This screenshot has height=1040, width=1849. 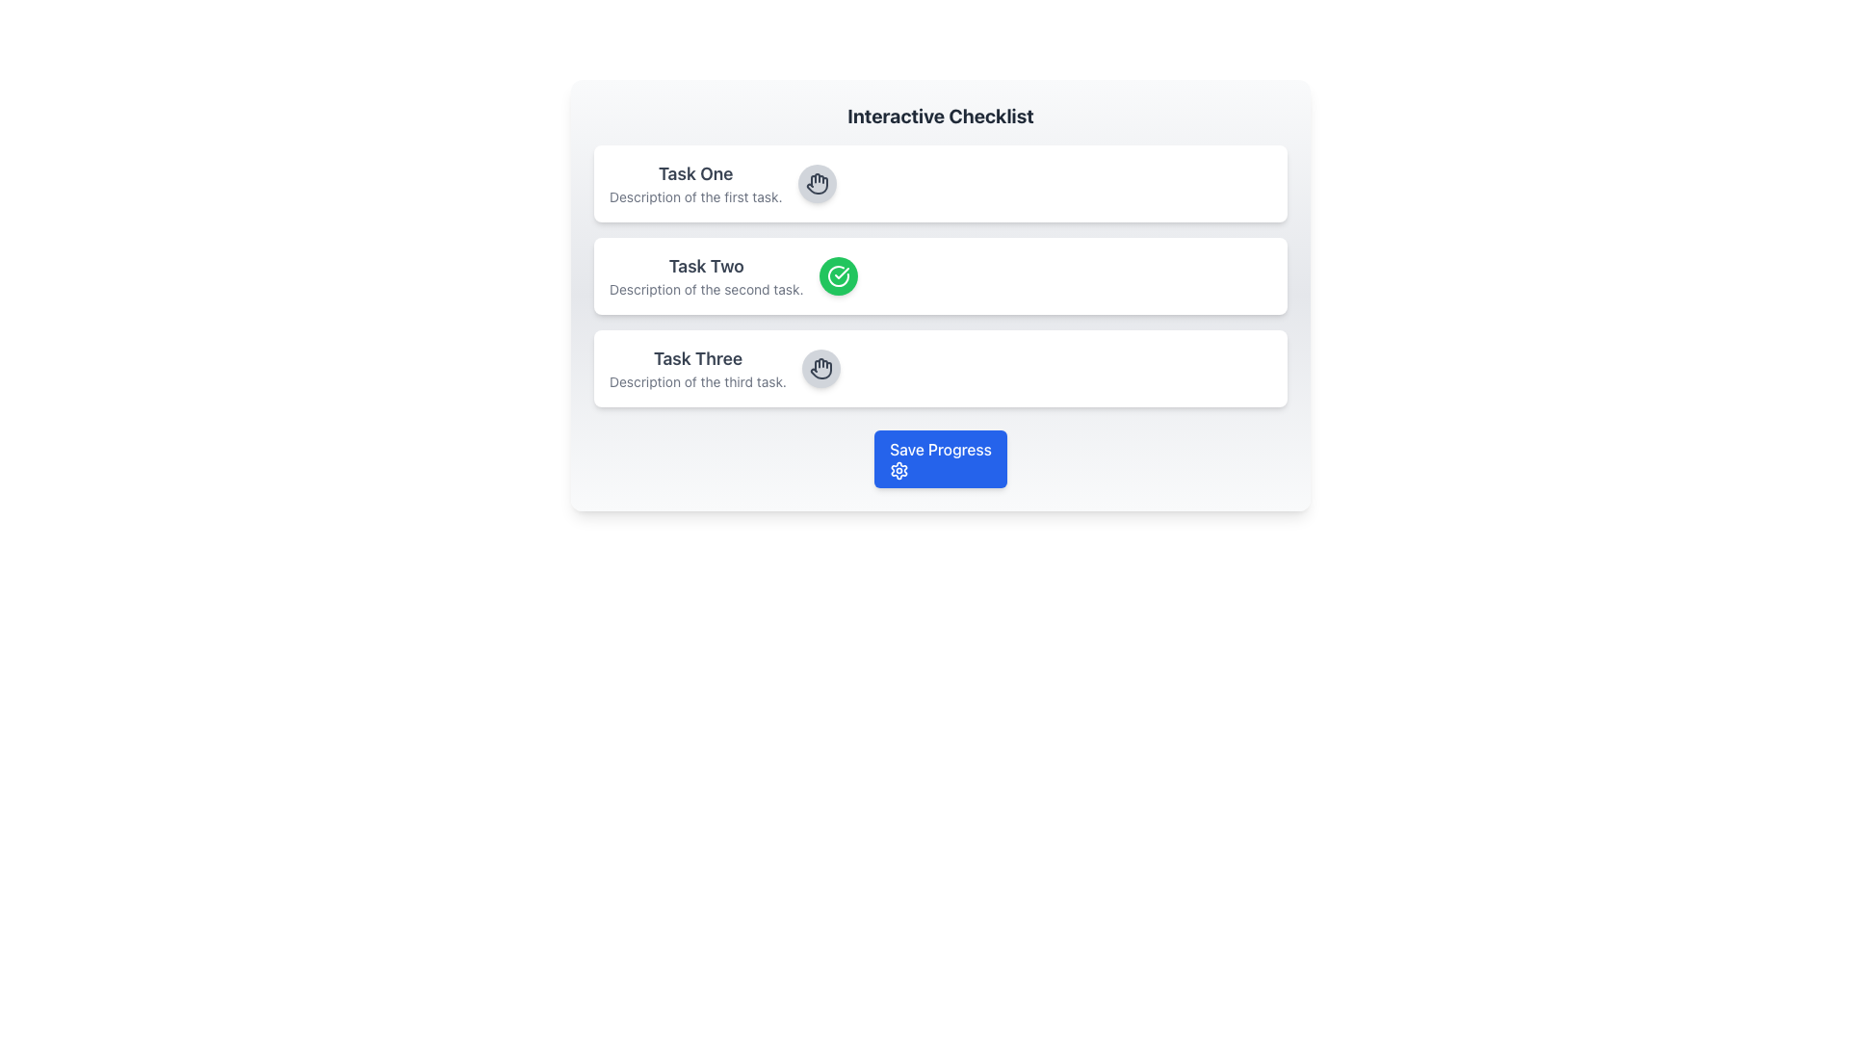 What do you see at coordinates (696, 368) in the screenshot?
I see `the text block labeled 'Task Three', which contains the lines 'Task Three' and 'Description of the third task.'` at bounding box center [696, 368].